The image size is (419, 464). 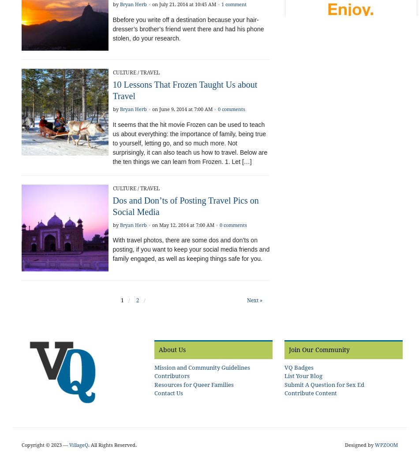 What do you see at coordinates (183, 4) in the screenshot?
I see `'on July 21, 2014 at 10:45 AM'` at bounding box center [183, 4].